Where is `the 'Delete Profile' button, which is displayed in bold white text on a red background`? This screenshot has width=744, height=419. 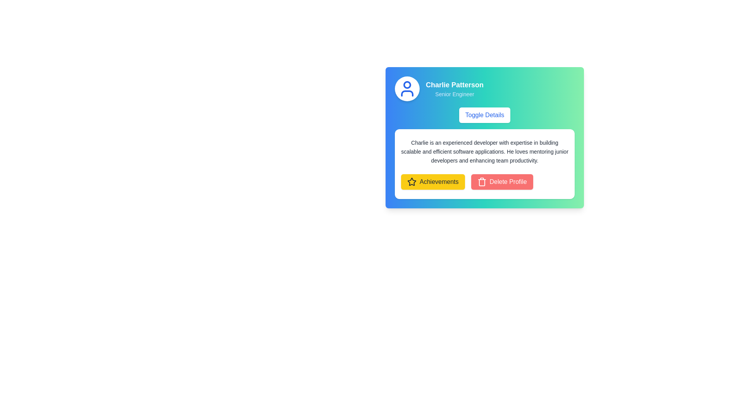
the 'Delete Profile' button, which is displayed in bold white text on a red background is located at coordinates (508, 182).